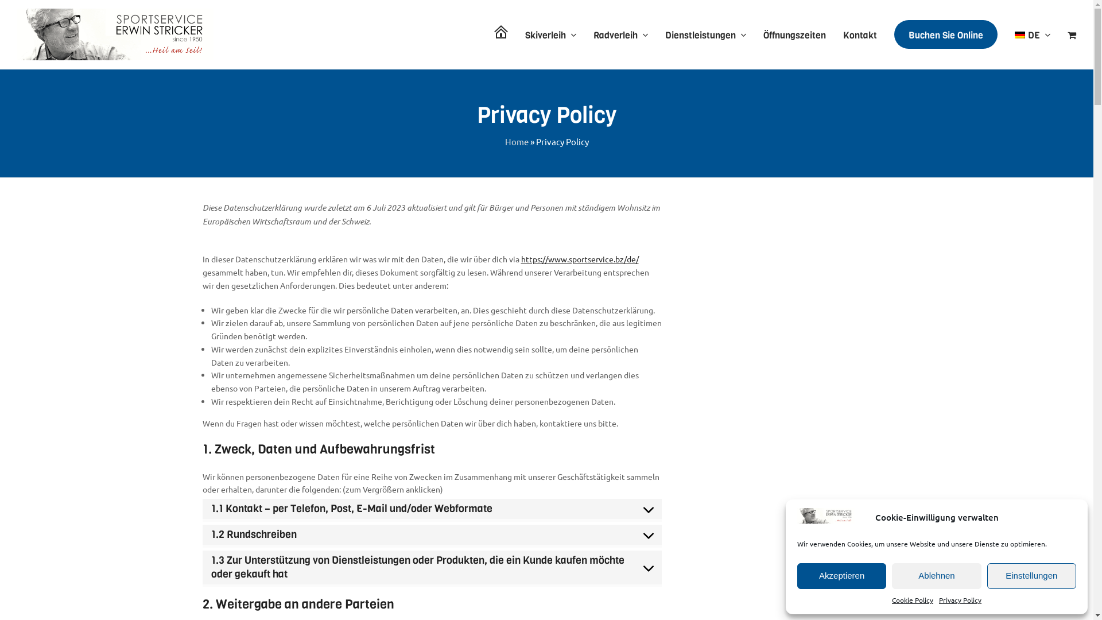 This screenshot has height=620, width=1102. Describe the element at coordinates (945, 34) in the screenshot. I see `'Buchen Sie Online'` at that location.